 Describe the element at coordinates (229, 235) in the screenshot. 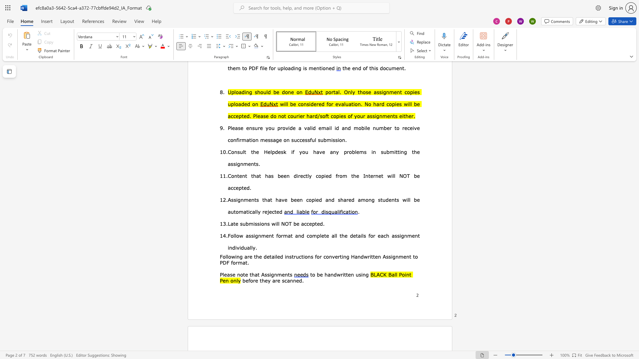

I see `the 1th character "F" in the text` at that location.